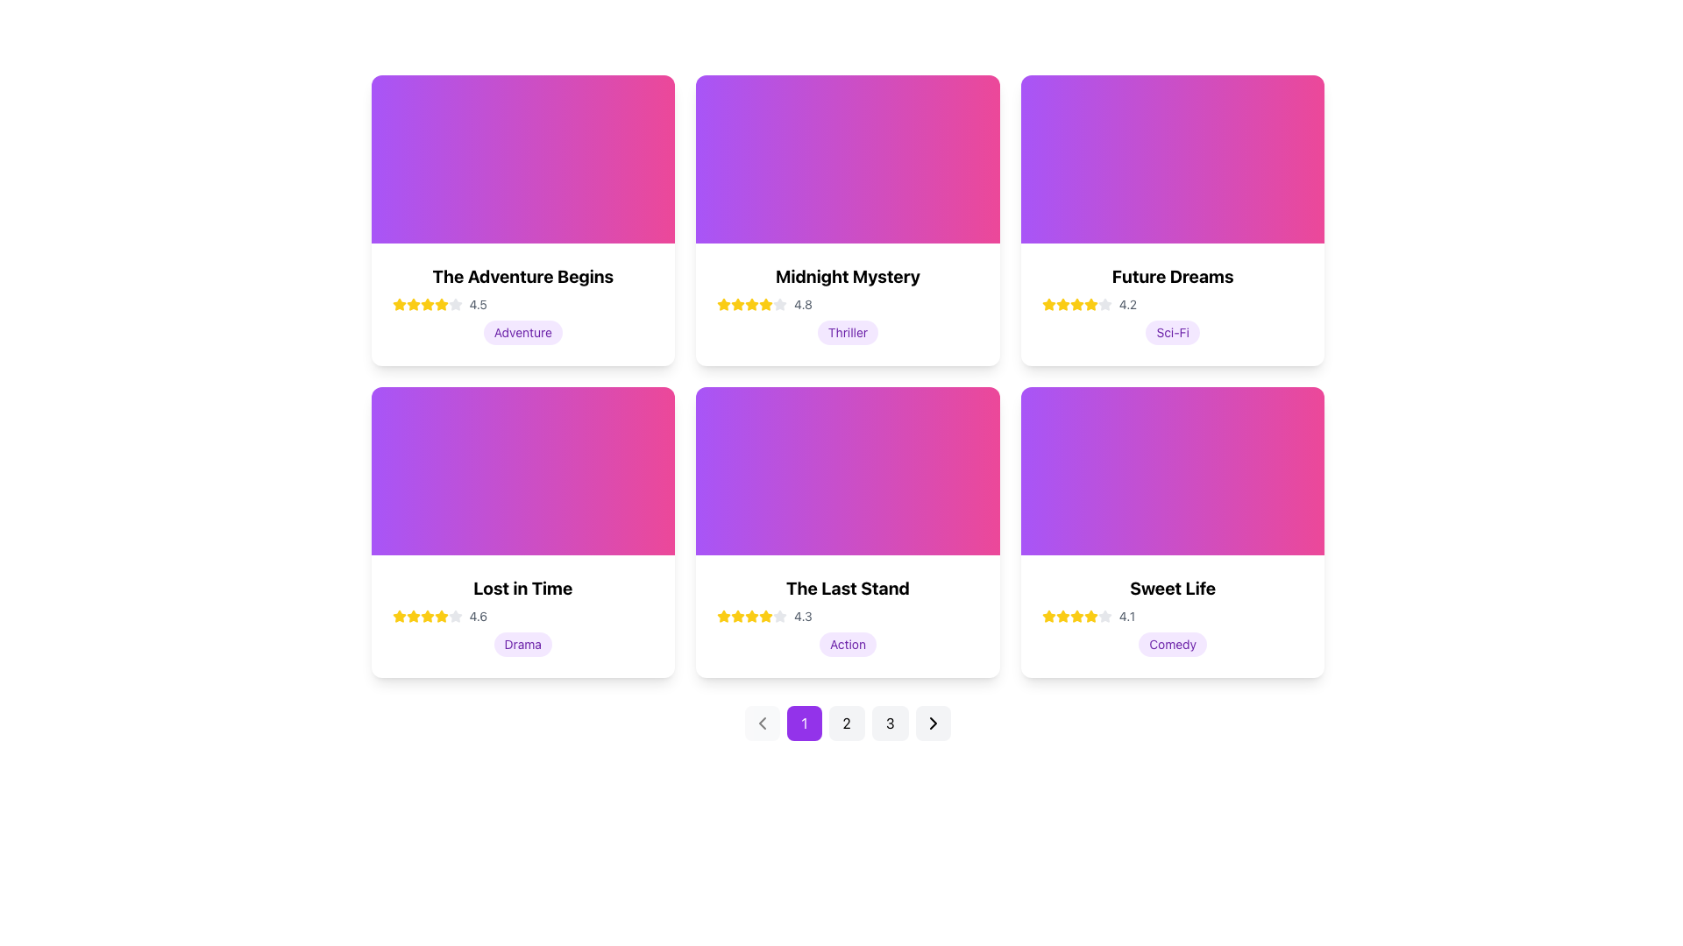 The height and width of the screenshot is (946, 1683). Describe the element at coordinates (1048, 616) in the screenshot. I see `the first yellow star icon indicating a rating for the movie 'Sweet Life', which is located at the bottom left of the rating bar` at that location.